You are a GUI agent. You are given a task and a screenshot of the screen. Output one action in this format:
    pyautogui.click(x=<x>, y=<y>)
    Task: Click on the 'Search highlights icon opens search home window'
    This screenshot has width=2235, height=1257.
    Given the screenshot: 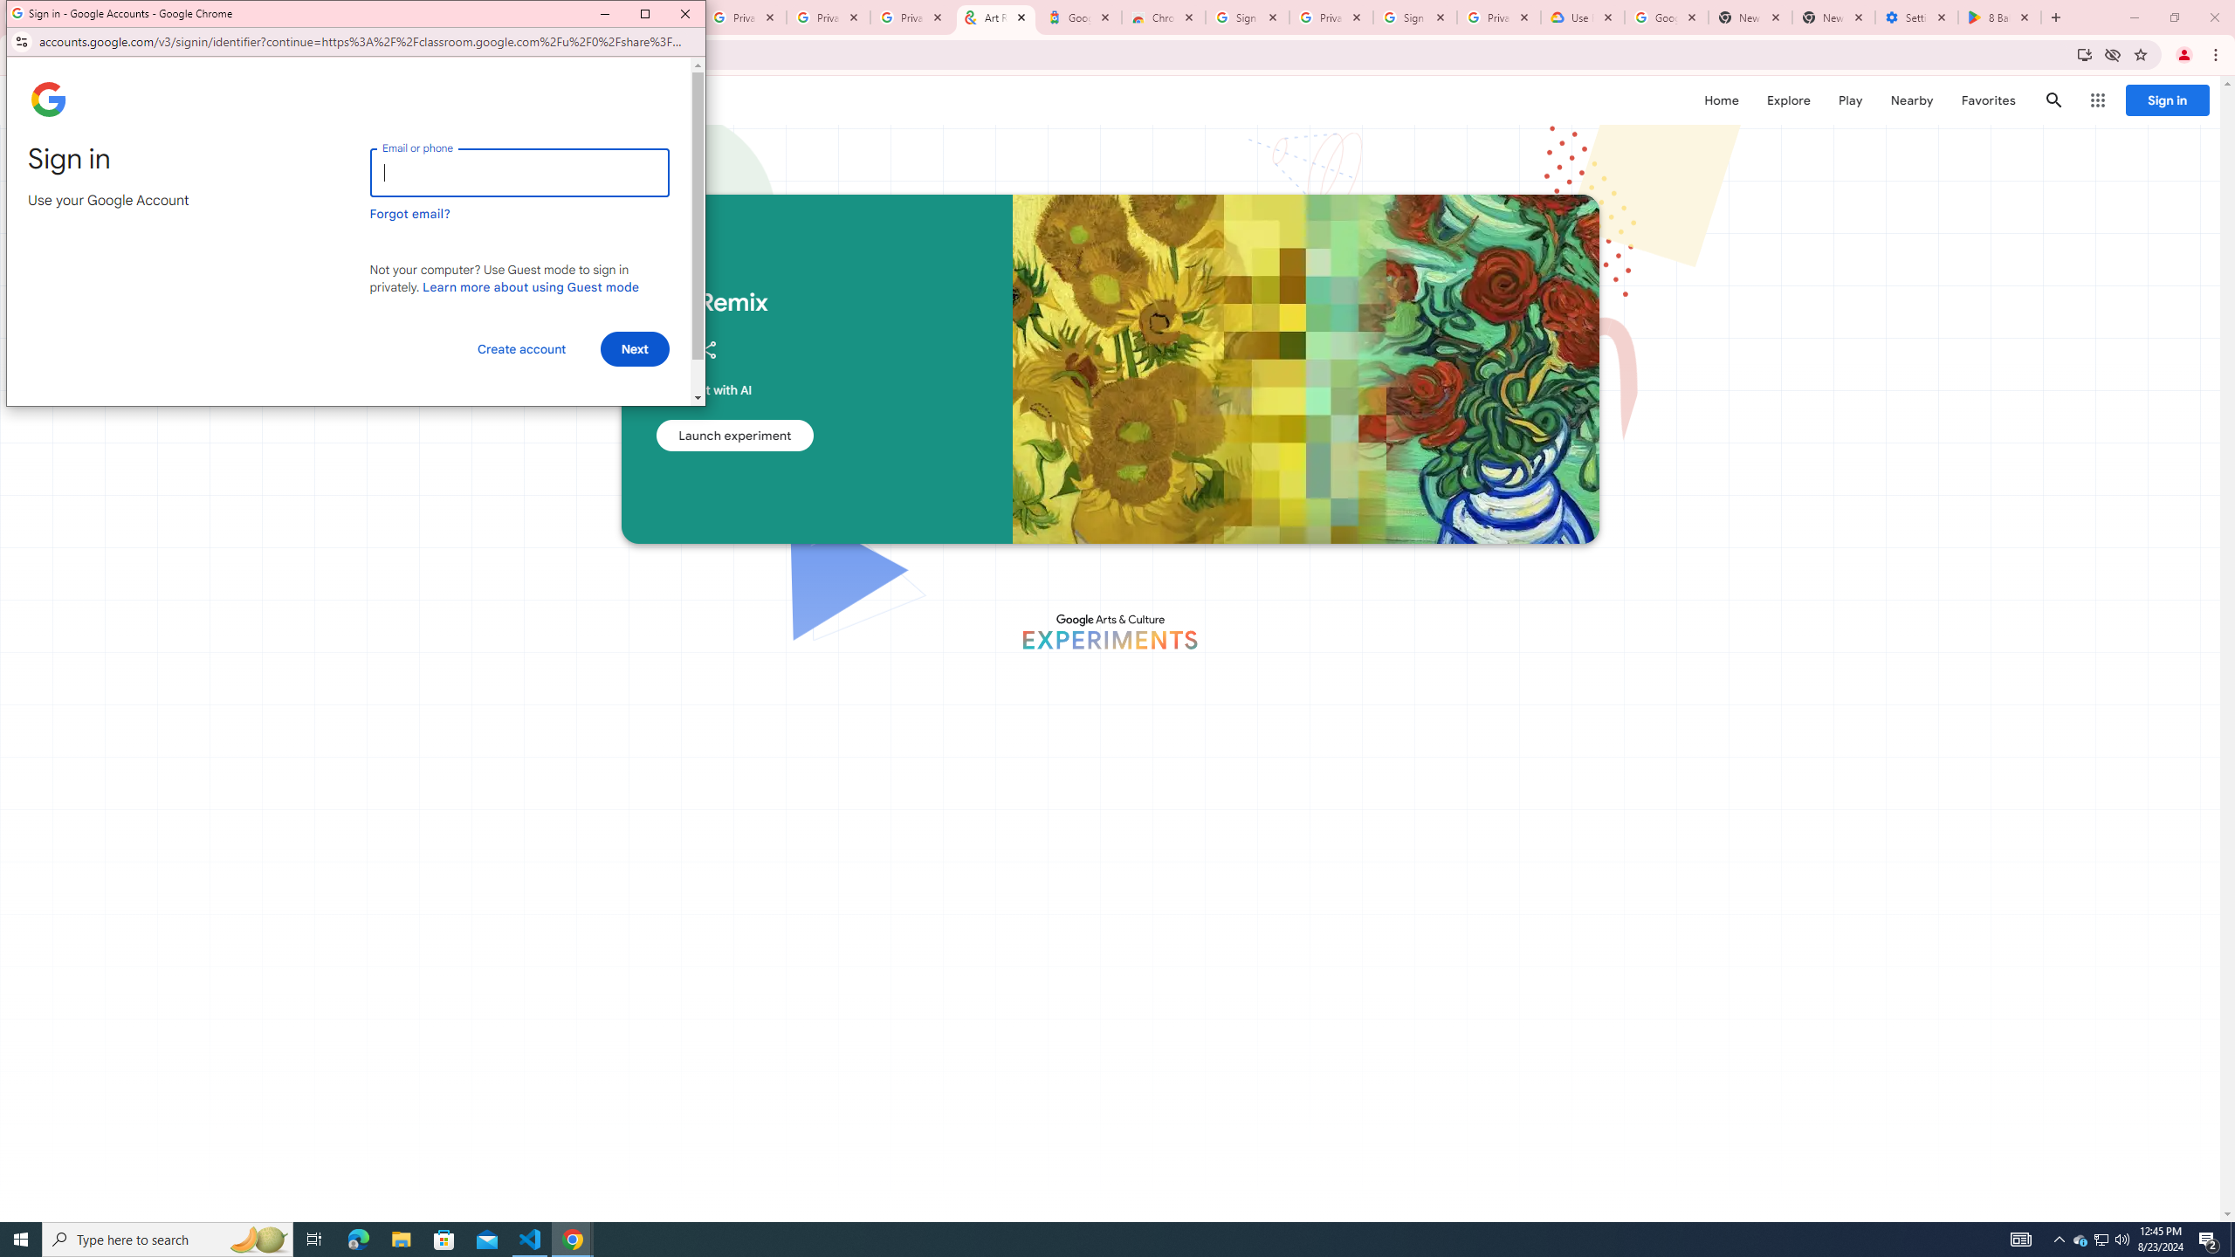 What is the action you would take?
    pyautogui.click(x=257, y=1238)
    